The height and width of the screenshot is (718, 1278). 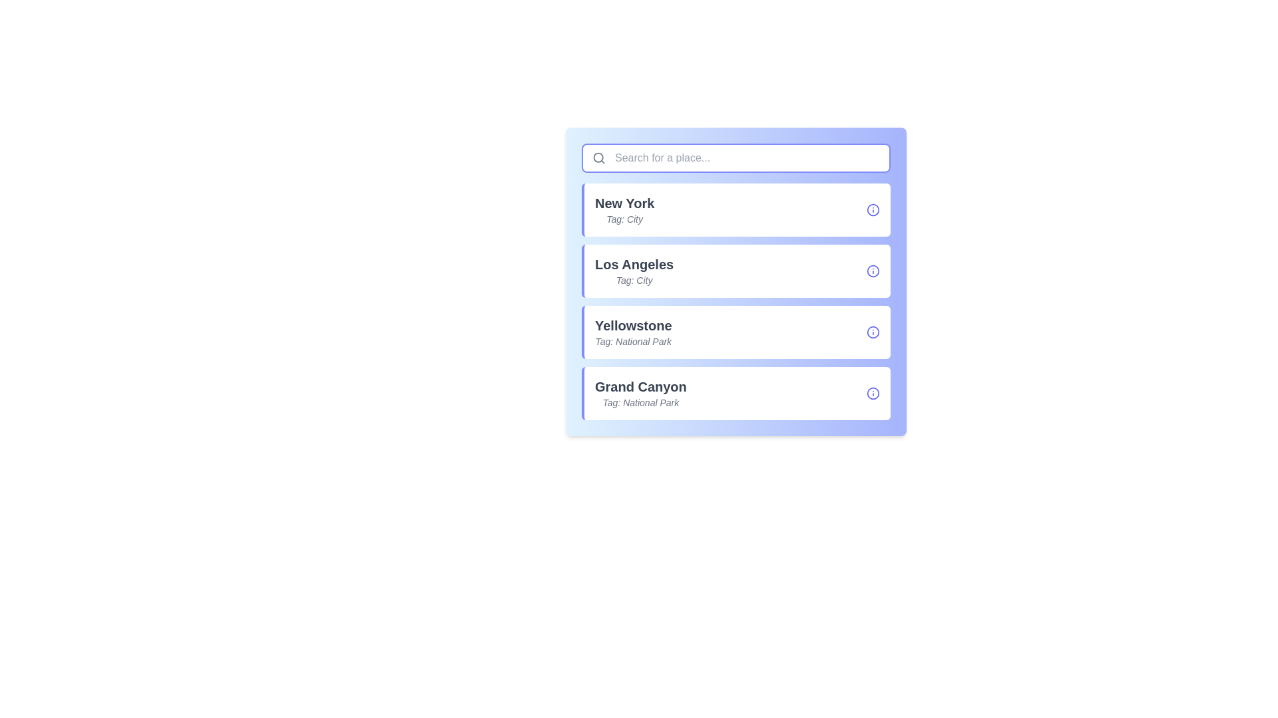 What do you see at coordinates (873, 392) in the screenshot?
I see `the circular blue outlined icon with a white background resembling an information symbol, located on the far right of the 'Grand Canyon' row` at bounding box center [873, 392].